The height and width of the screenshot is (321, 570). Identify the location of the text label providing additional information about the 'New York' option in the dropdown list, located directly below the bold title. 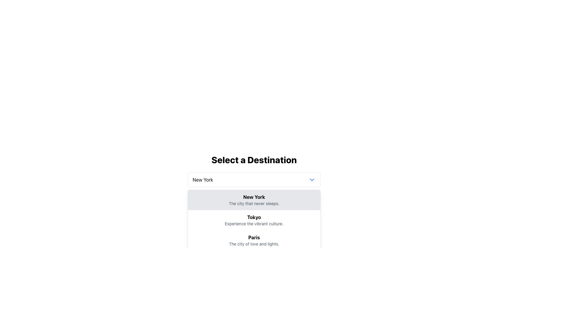
(254, 203).